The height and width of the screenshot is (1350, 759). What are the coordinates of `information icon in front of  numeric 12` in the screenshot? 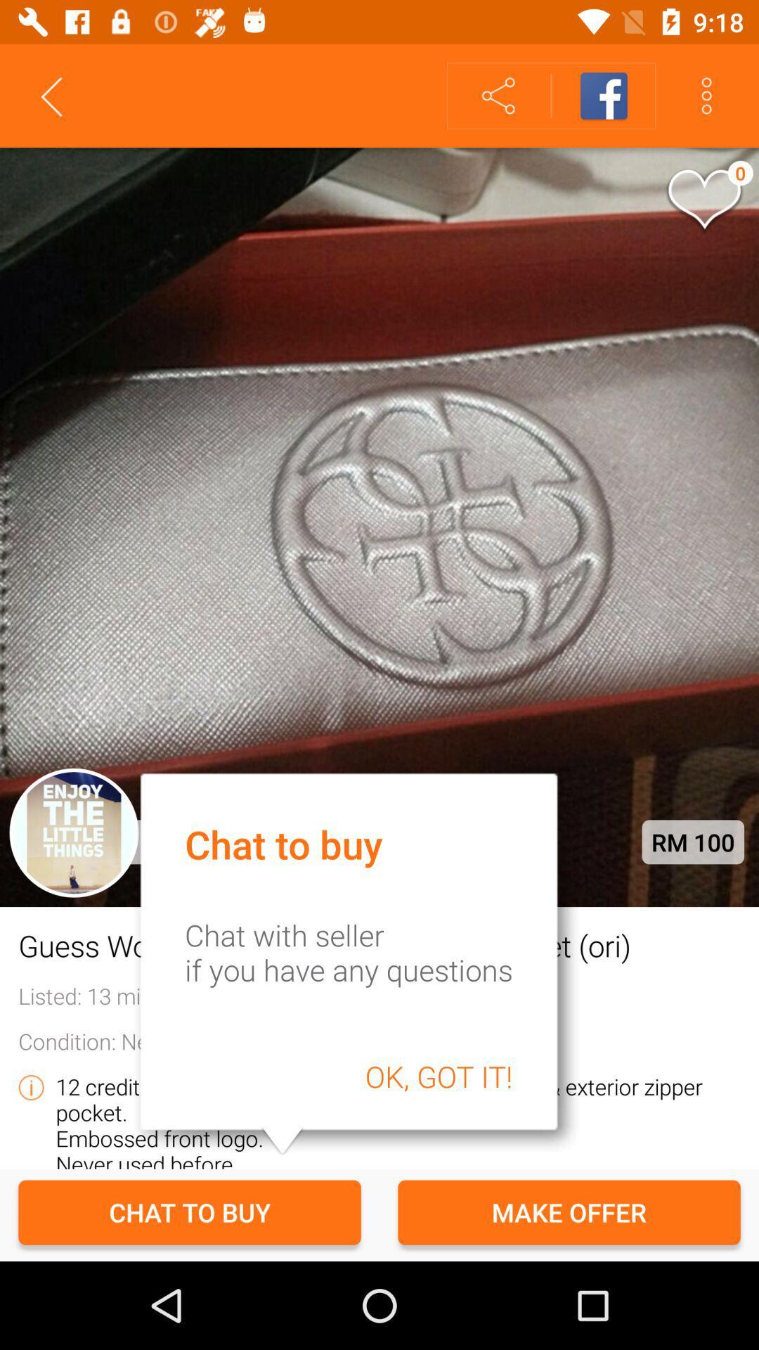 It's located at (31, 1086).